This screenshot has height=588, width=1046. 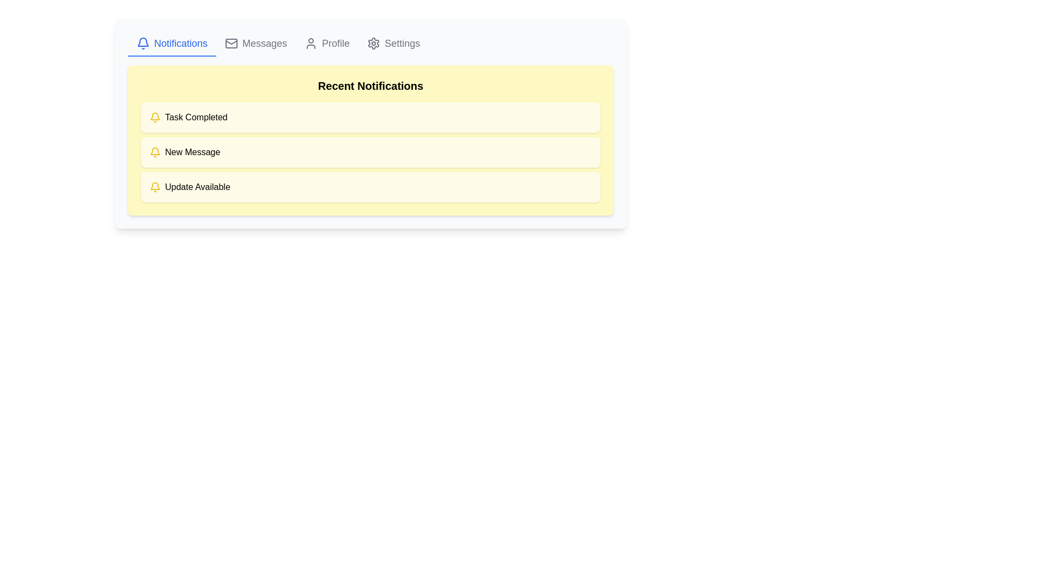 I want to click on the SVG envelope icon in the navigation bar, so click(x=231, y=43).